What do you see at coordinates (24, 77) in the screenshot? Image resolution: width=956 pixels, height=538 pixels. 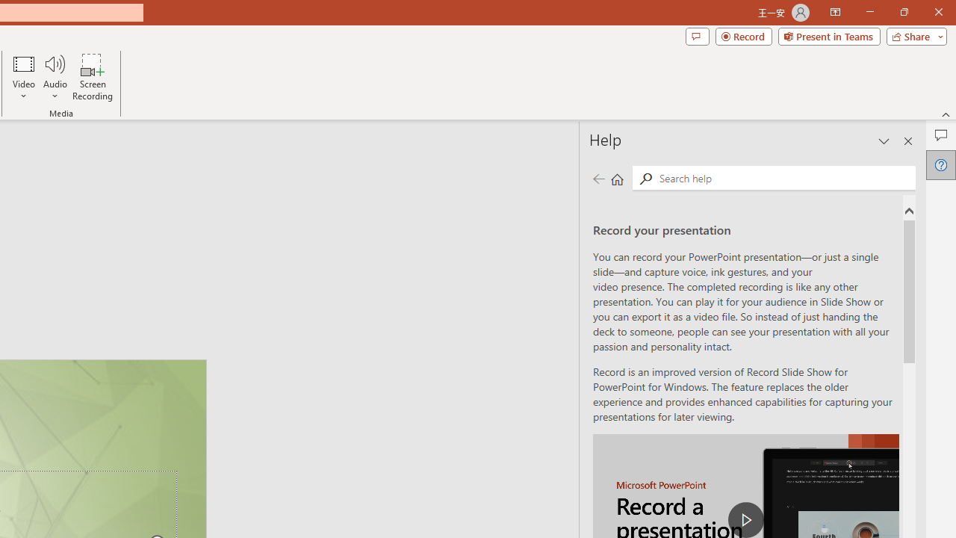 I see `'Video'` at bounding box center [24, 77].